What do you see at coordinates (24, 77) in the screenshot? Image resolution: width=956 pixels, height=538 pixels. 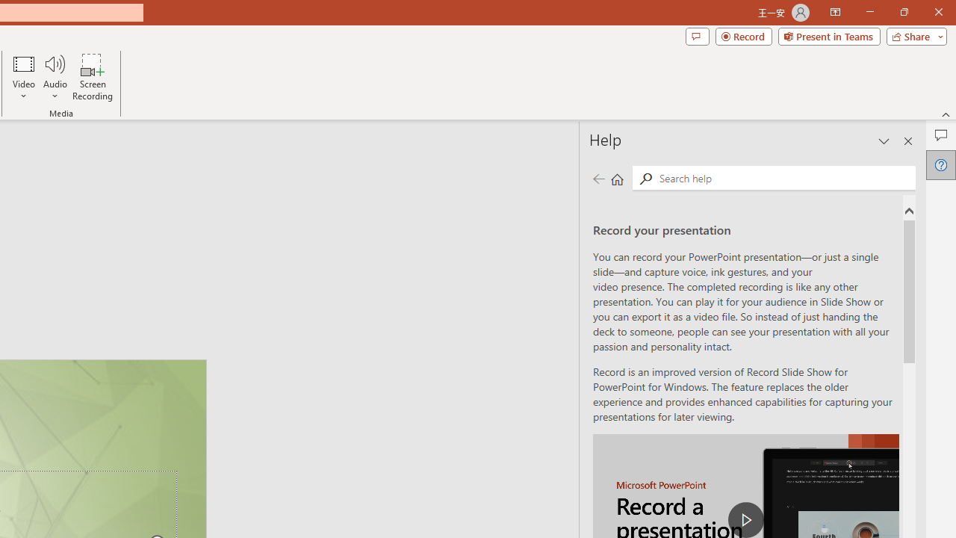 I see `'Video'` at bounding box center [24, 77].